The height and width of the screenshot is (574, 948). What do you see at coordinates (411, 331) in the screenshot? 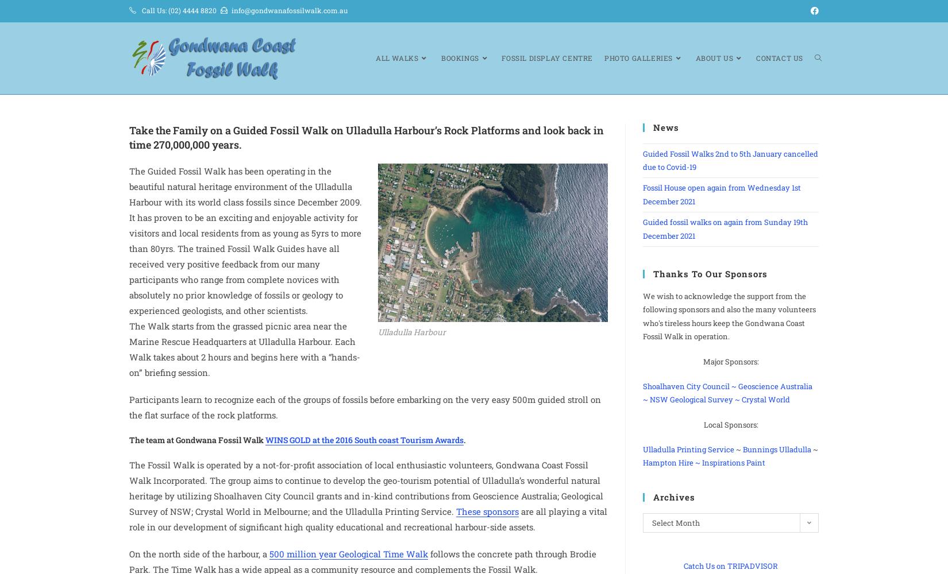
I see `'Ulladulla Harbour'` at bounding box center [411, 331].